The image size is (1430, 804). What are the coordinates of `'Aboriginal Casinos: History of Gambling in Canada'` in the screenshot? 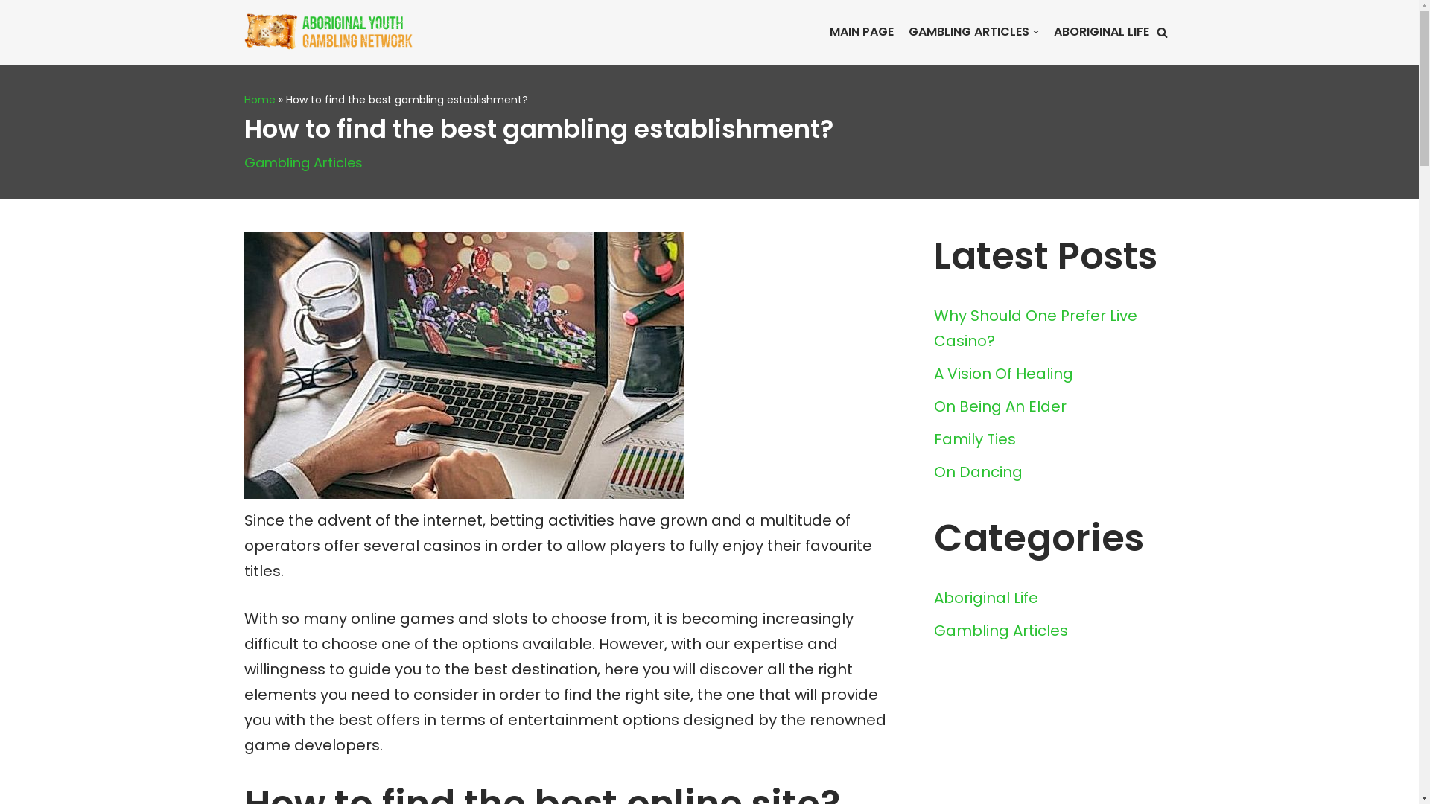 It's located at (336, 32).